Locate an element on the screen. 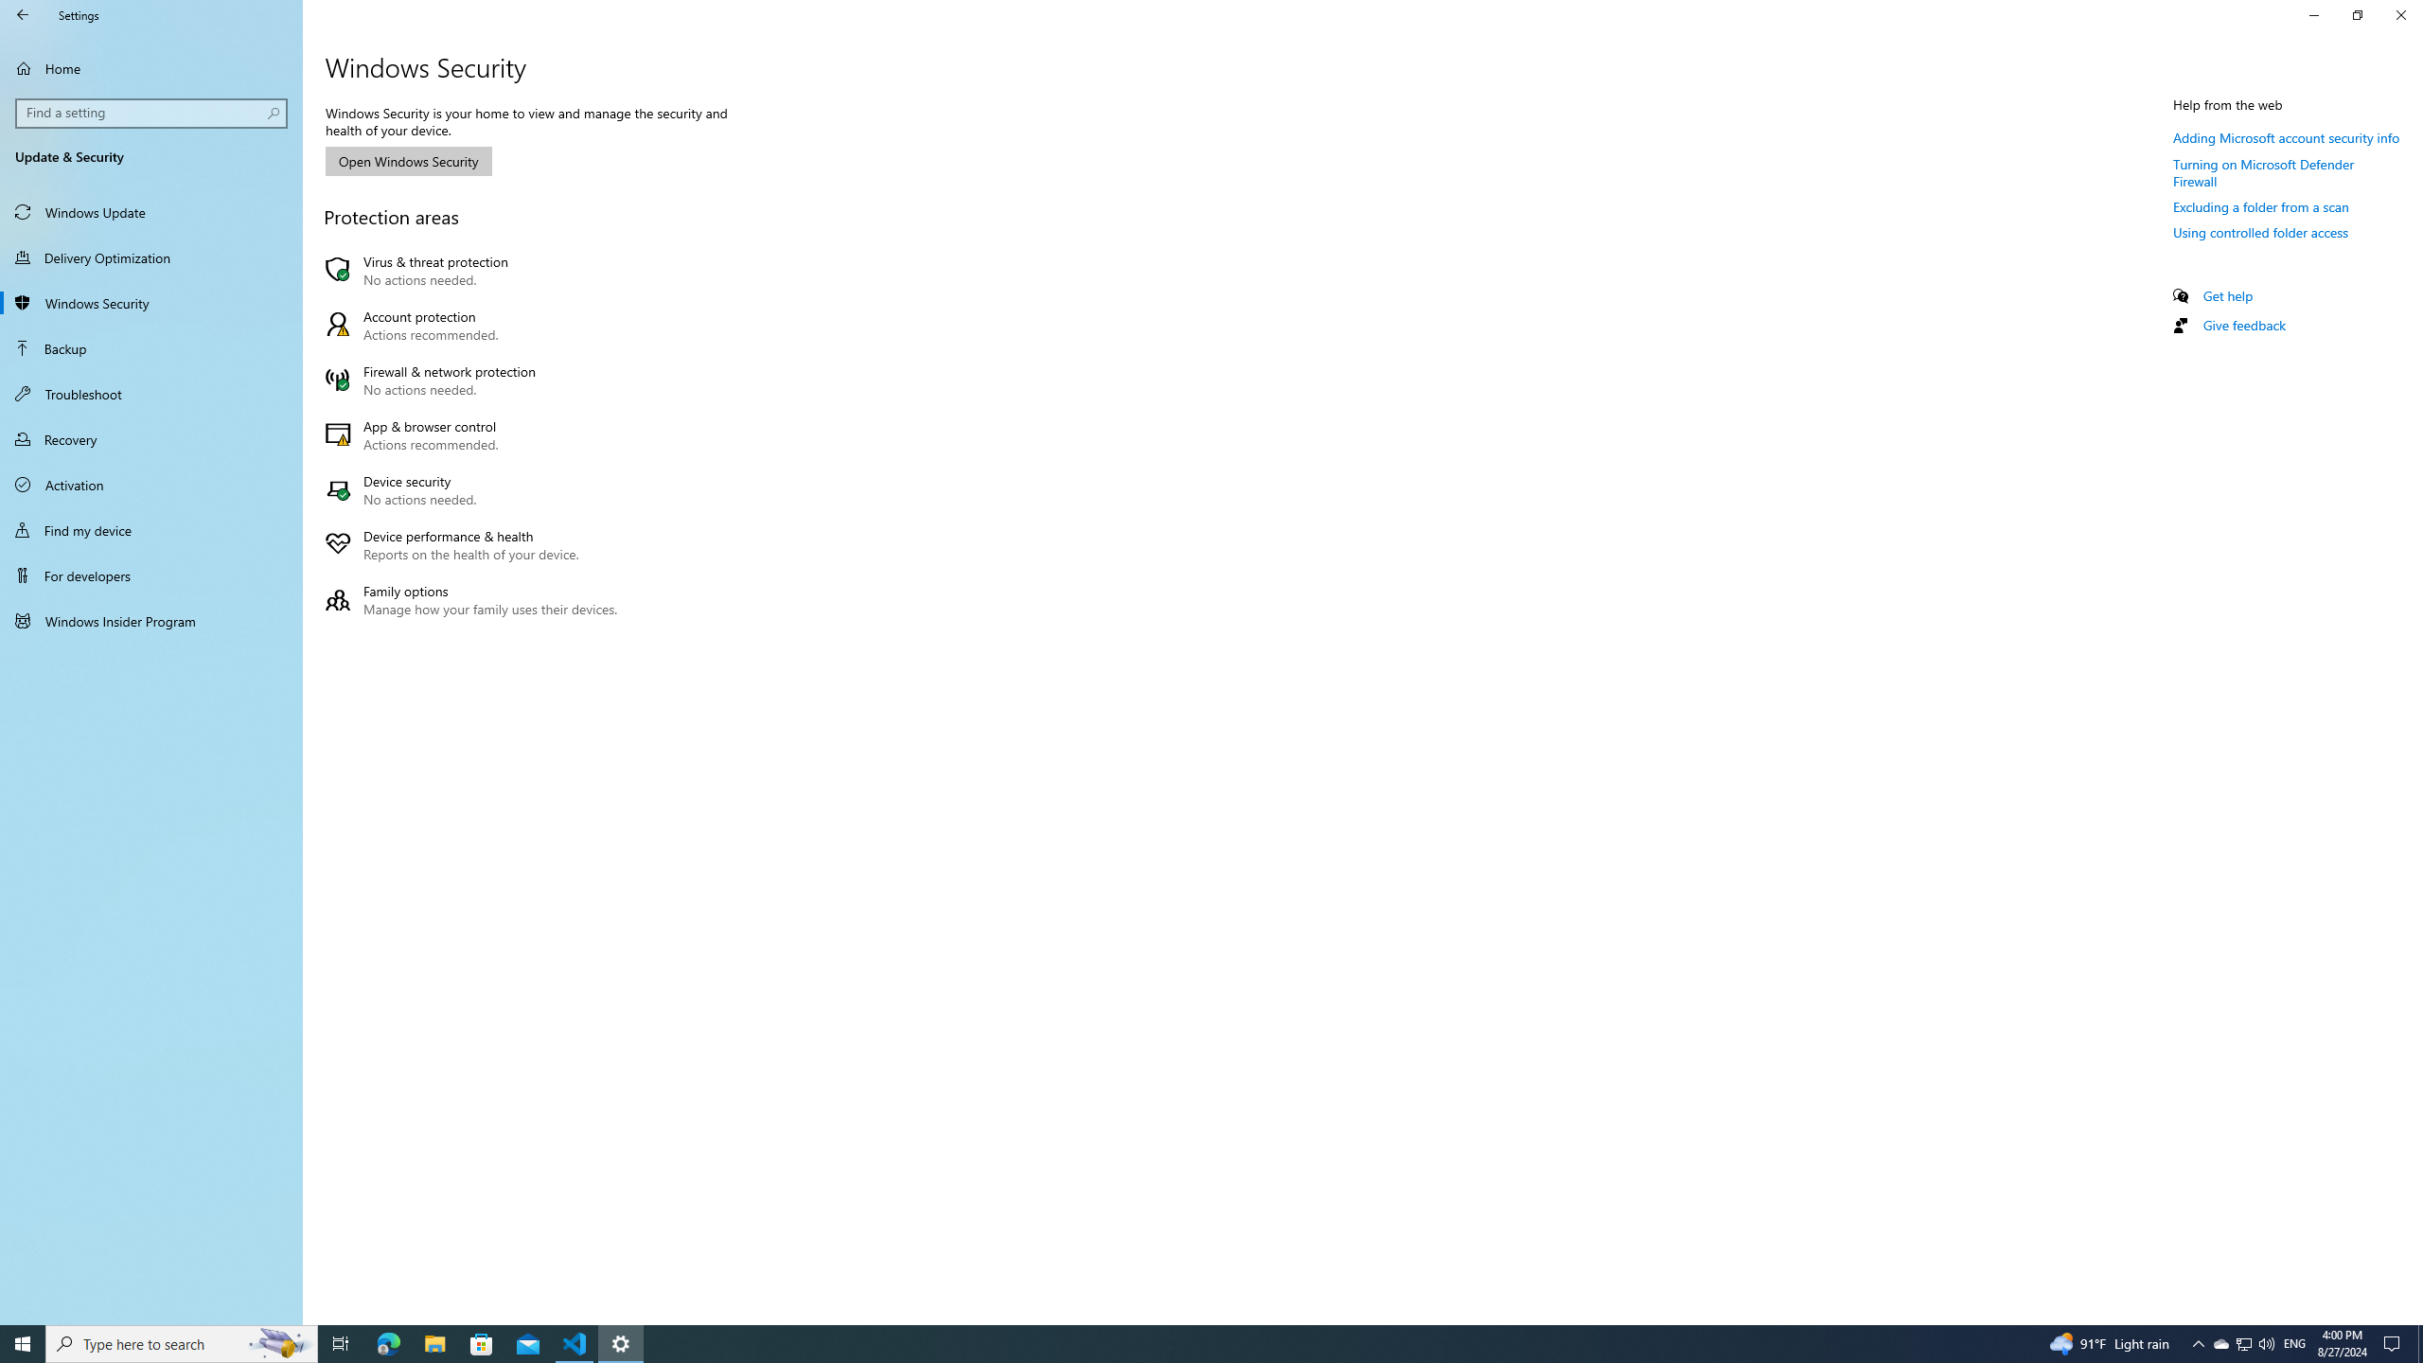  'File Explorer' is located at coordinates (433, 1342).